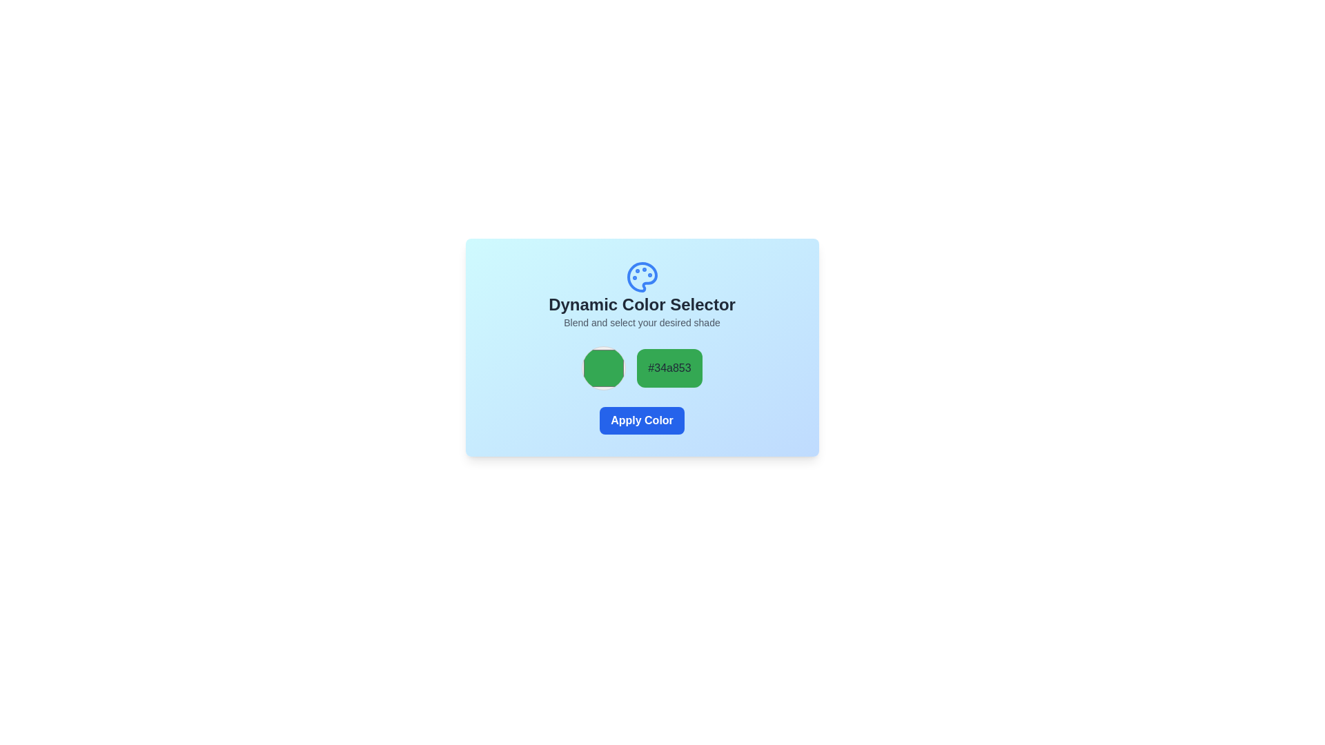 The height and width of the screenshot is (745, 1325). Describe the element at coordinates (641, 304) in the screenshot. I see `the header text label that reads 'Dynamic Color Selector', styled in bold font and located in the center of the interface, below a palette icon` at that location.